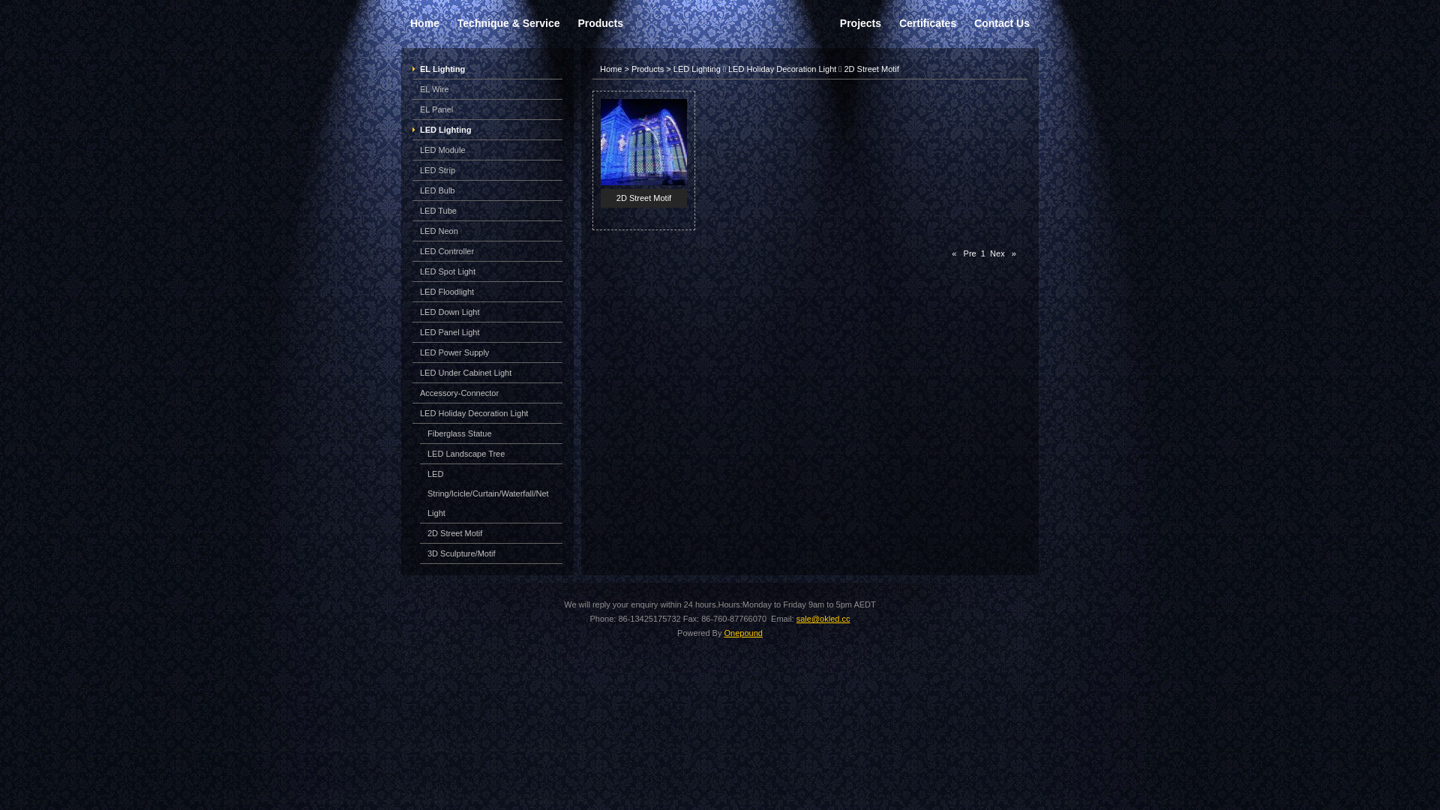 The width and height of the screenshot is (1440, 810). What do you see at coordinates (420, 292) in the screenshot?
I see `'LED Floodlight'` at bounding box center [420, 292].